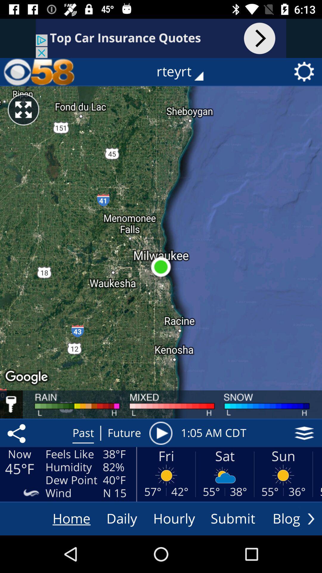 This screenshot has height=573, width=322. Describe the element at coordinates (160, 433) in the screenshot. I see `the icon next to future item` at that location.